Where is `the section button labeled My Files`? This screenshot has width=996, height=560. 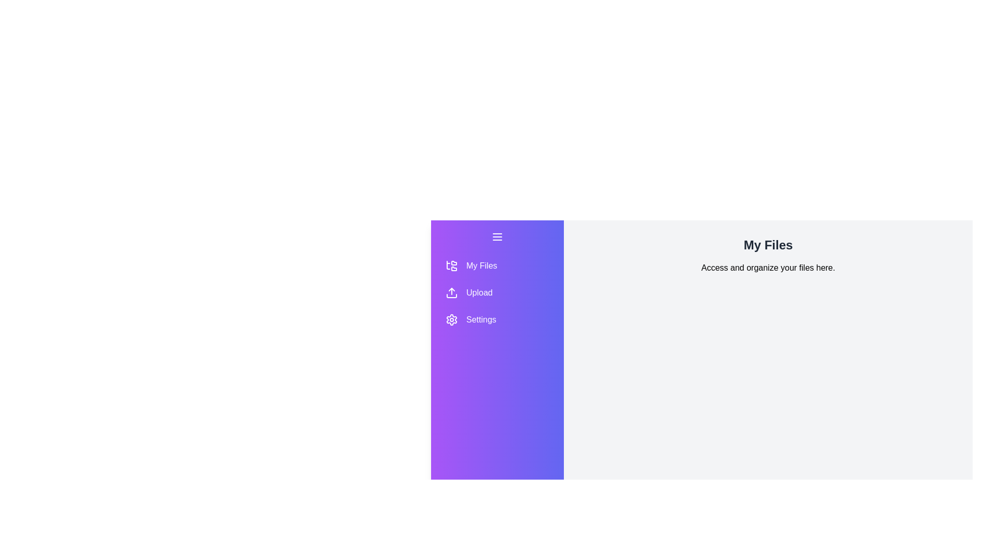
the section button labeled My Files is located at coordinates (497, 265).